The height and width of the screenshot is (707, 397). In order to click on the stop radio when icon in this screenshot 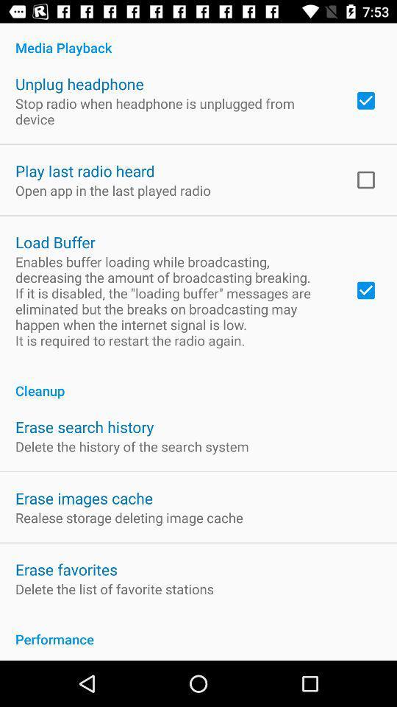, I will do `click(175, 110)`.